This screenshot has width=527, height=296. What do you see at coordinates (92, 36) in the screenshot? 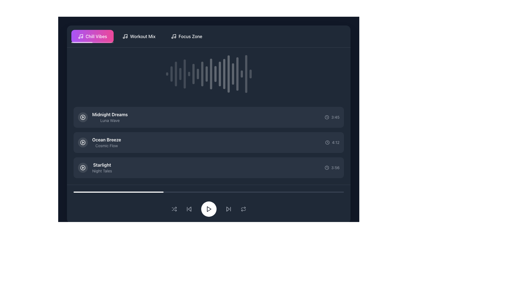
I see `the 'Chill Vibes' button, which features the text in bold font next to a musical note icon against a gradient background` at bounding box center [92, 36].